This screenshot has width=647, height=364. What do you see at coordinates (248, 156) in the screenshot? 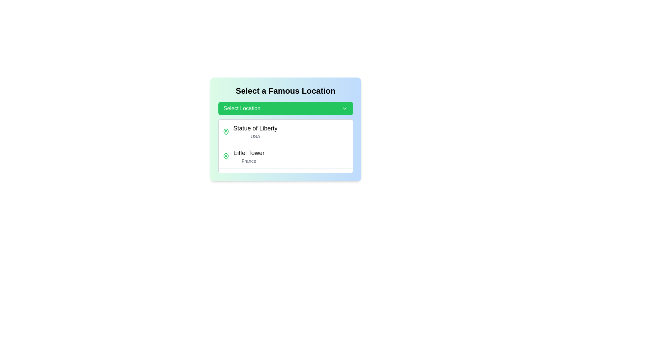
I see `the second entry in the list of famous locations, which displays a location name and country, positioned below 'Statue of Liberty' (USA)` at bounding box center [248, 156].